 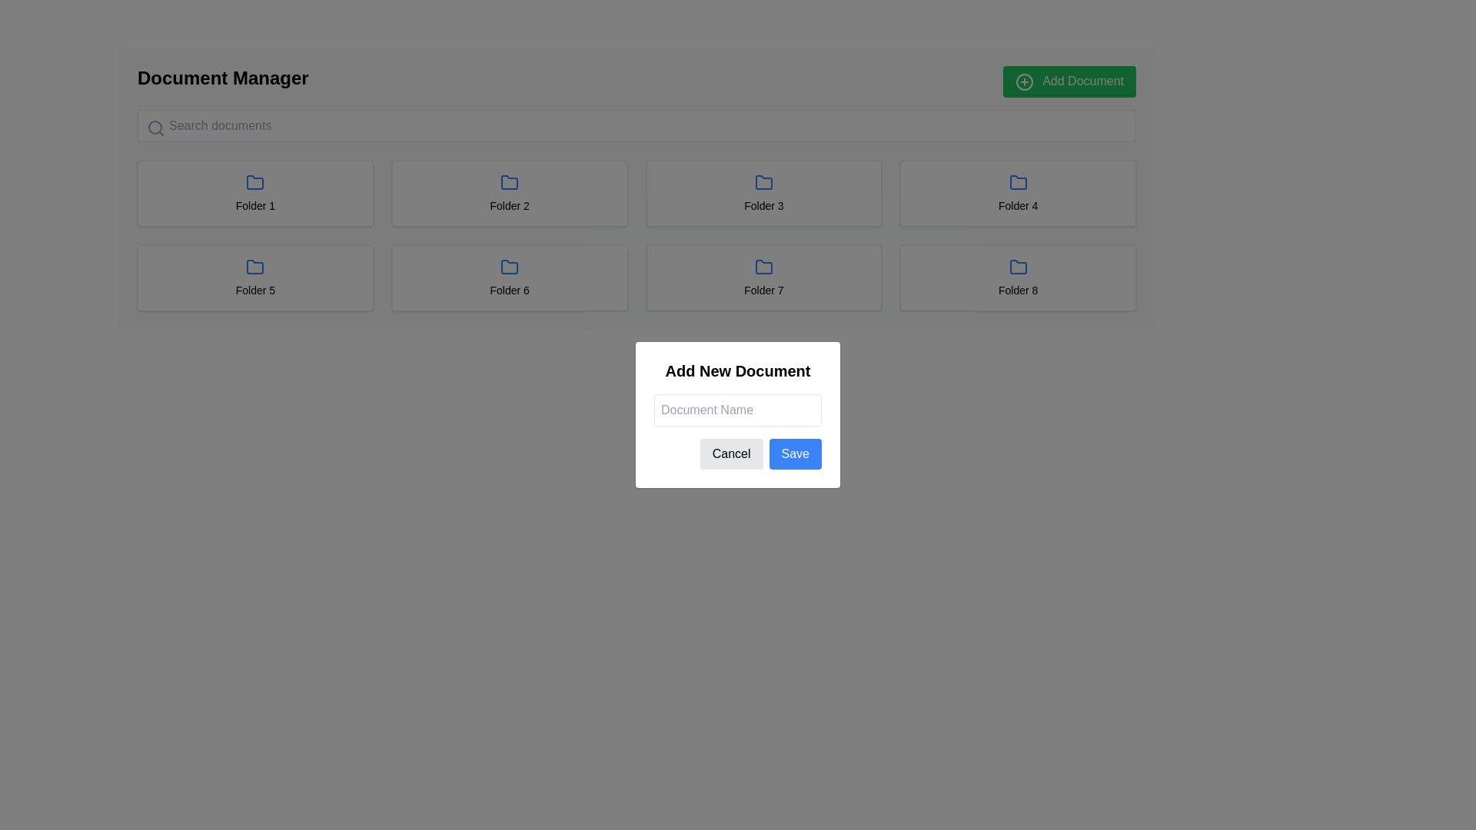 What do you see at coordinates (1018, 277) in the screenshot?
I see `the 'Folder 8' Card located in the bottom-right corner of the grid layout` at bounding box center [1018, 277].